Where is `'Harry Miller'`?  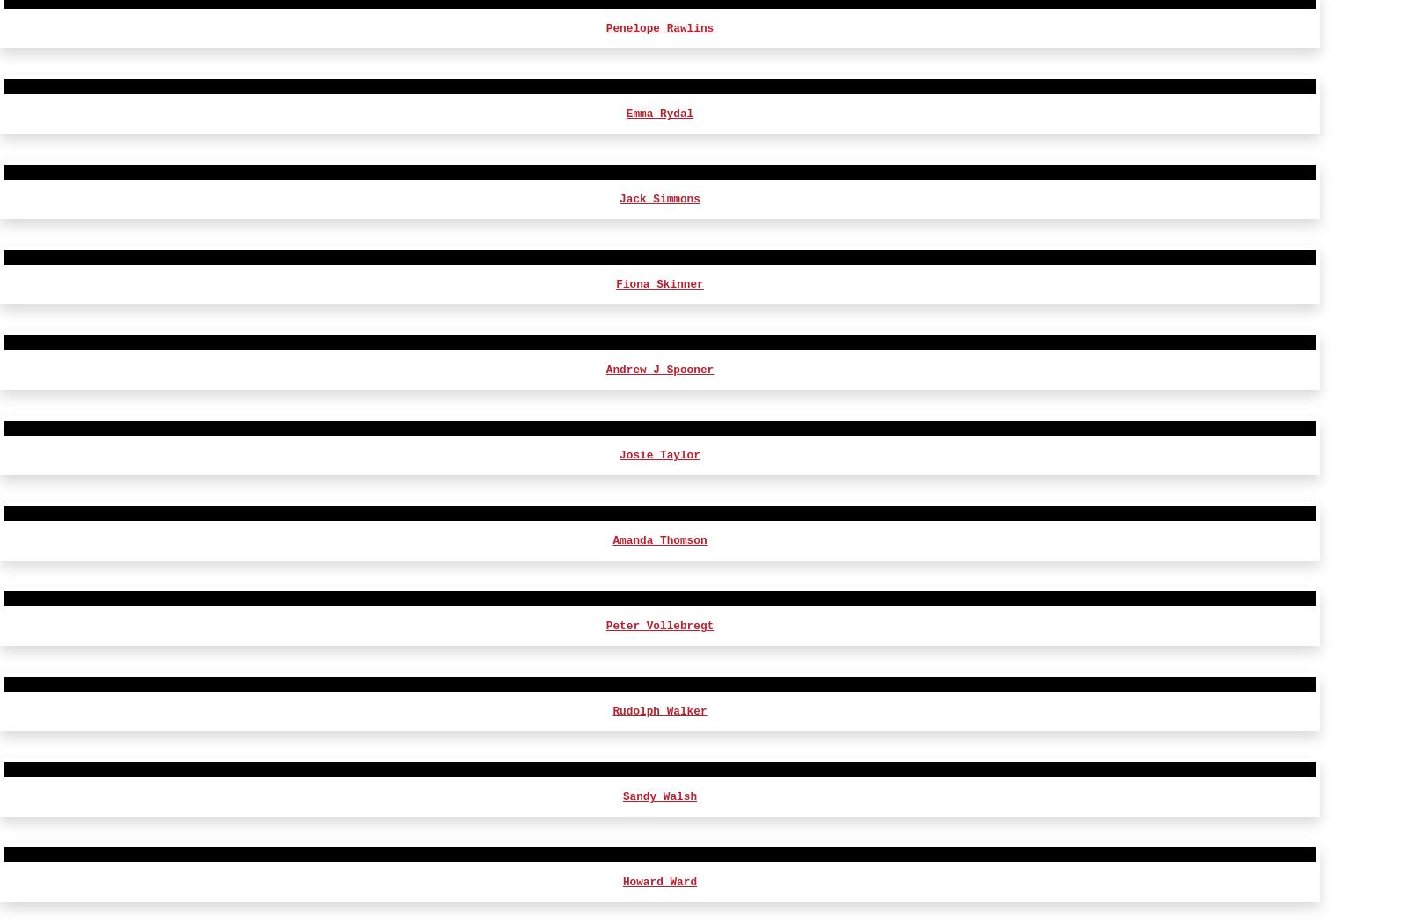
'Harry Miller' is located at coordinates (659, 150).